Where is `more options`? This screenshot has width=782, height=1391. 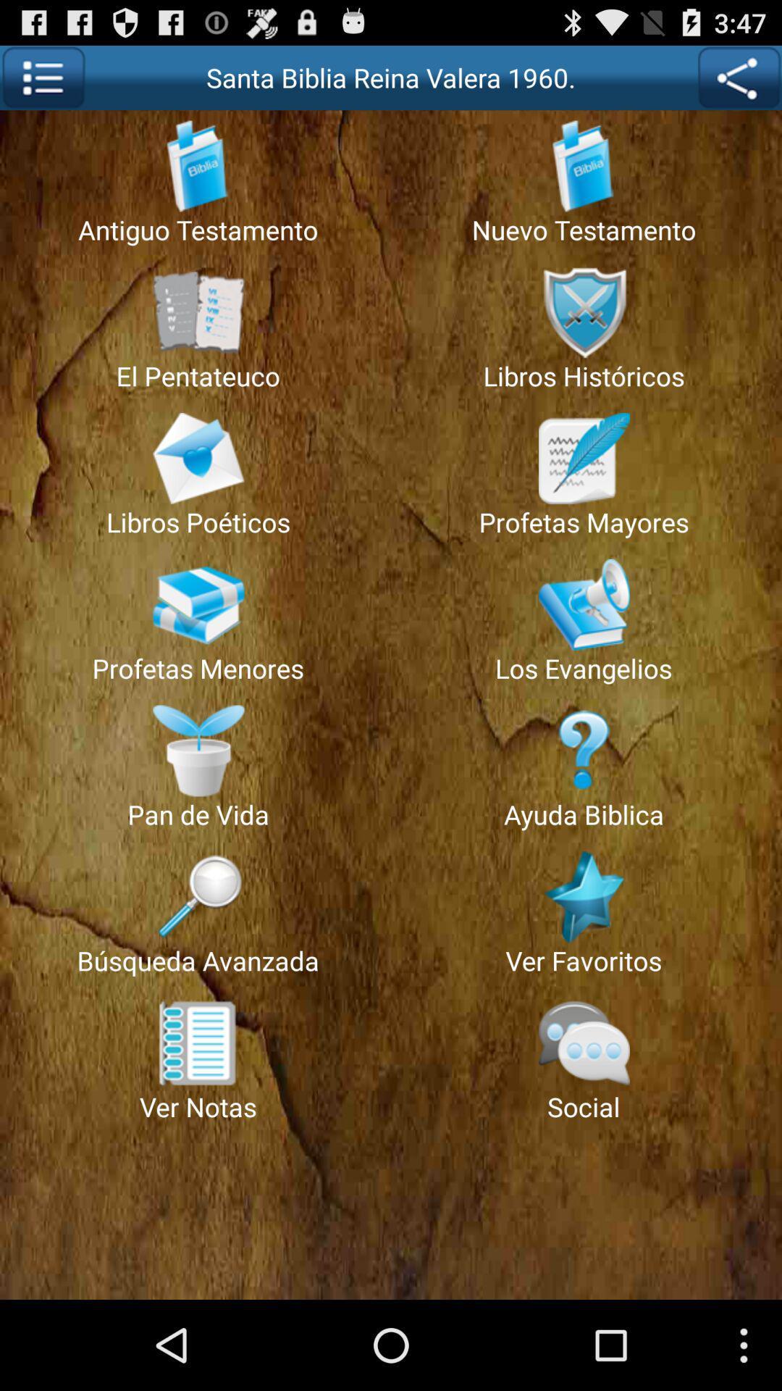 more options is located at coordinates (42, 77).